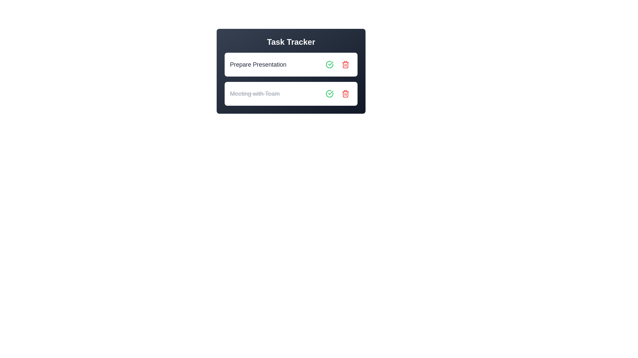 The width and height of the screenshot is (638, 358). What do you see at coordinates (331, 93) in the screenshot?
I see `the green checkmark icon in the 'Prepare Presentation' task row to mark the task as done` at bounding box center [331, 93].